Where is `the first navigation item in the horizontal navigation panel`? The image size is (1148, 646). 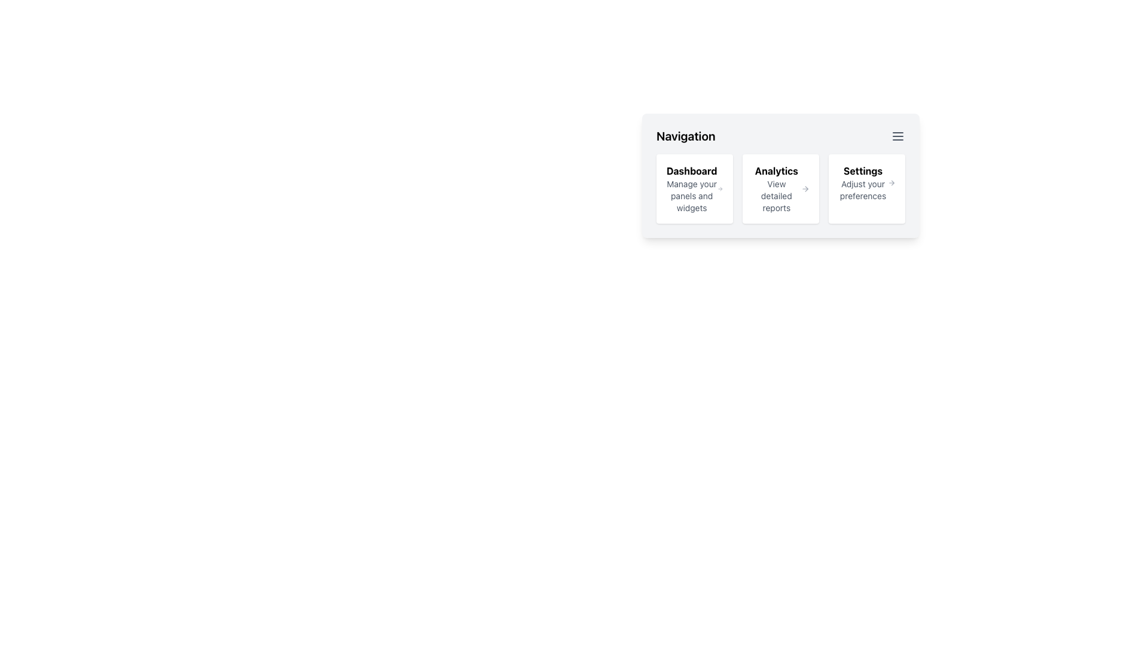 the first navigation item in the horizontal navigation panel is located at coordinates (692, 188).